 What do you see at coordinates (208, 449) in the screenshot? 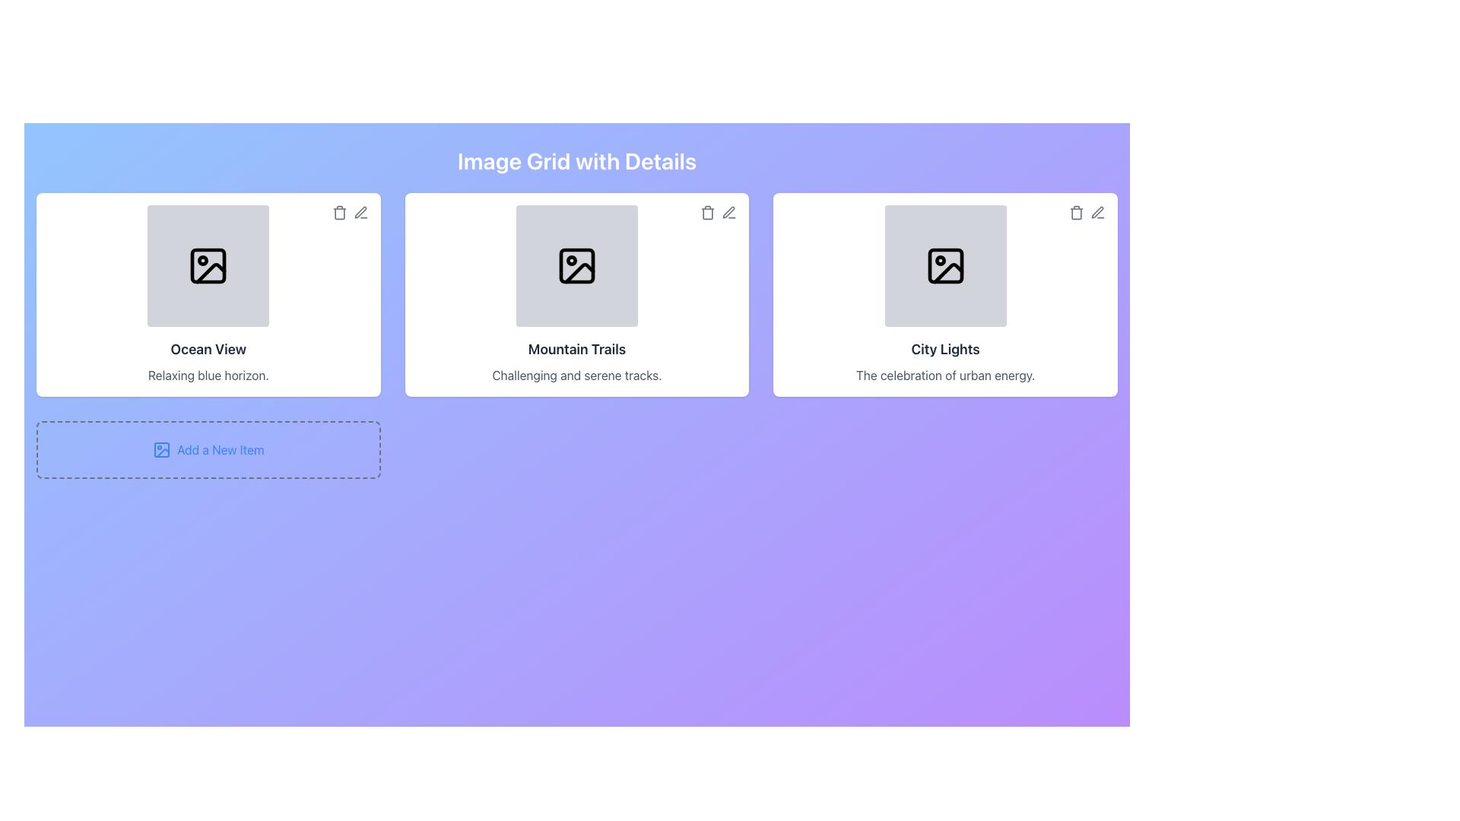
I see `the interactive button labeled 'Add a New Item' with an icon on the left to trigger the hover color change effect` at bounding box center [208, 449].